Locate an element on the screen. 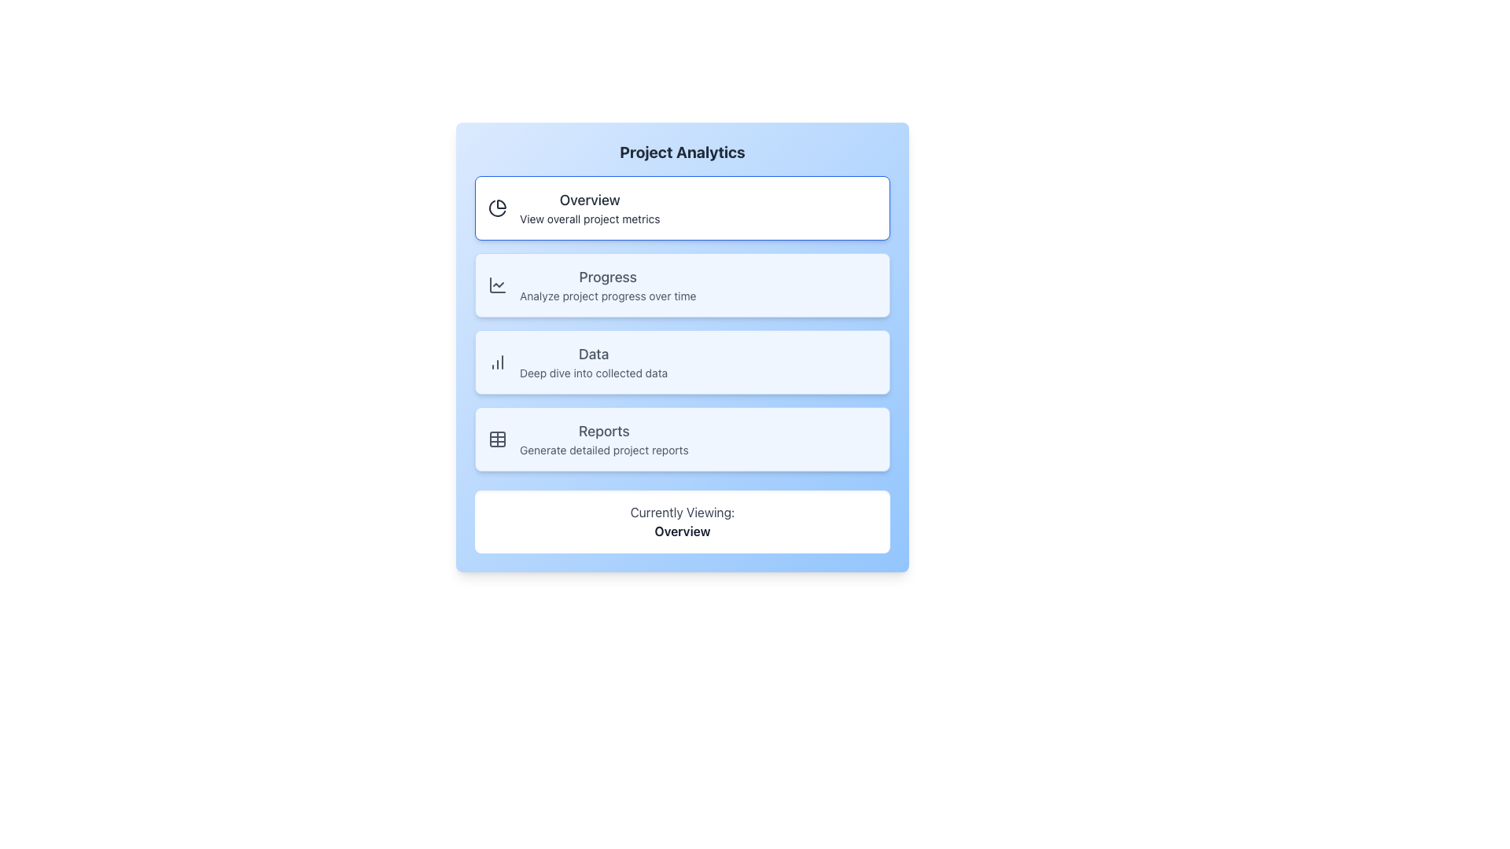 The height and width of the screenshot is (849, 1510). the SVG-based graphic icon representing reports, which is the fourth icon in the navigation options within the expandable side menu is located at coordinates (497, 439).